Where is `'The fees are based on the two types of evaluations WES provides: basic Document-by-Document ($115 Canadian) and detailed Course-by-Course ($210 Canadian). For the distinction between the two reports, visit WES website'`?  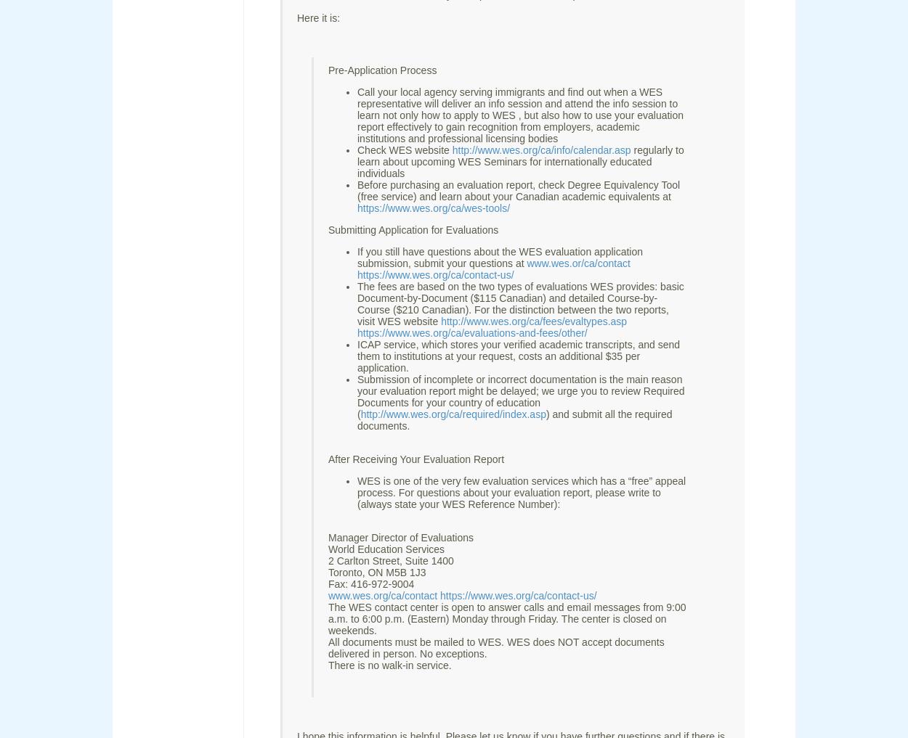
'The fees are based on the two types of evaluations WES provides: basic Document-by-Document ($115 Canadian) and detailed Course-by-Course ($210 Canadian). For the distinction between the two reports, visit WES website' is located at coordinates (357, 304).